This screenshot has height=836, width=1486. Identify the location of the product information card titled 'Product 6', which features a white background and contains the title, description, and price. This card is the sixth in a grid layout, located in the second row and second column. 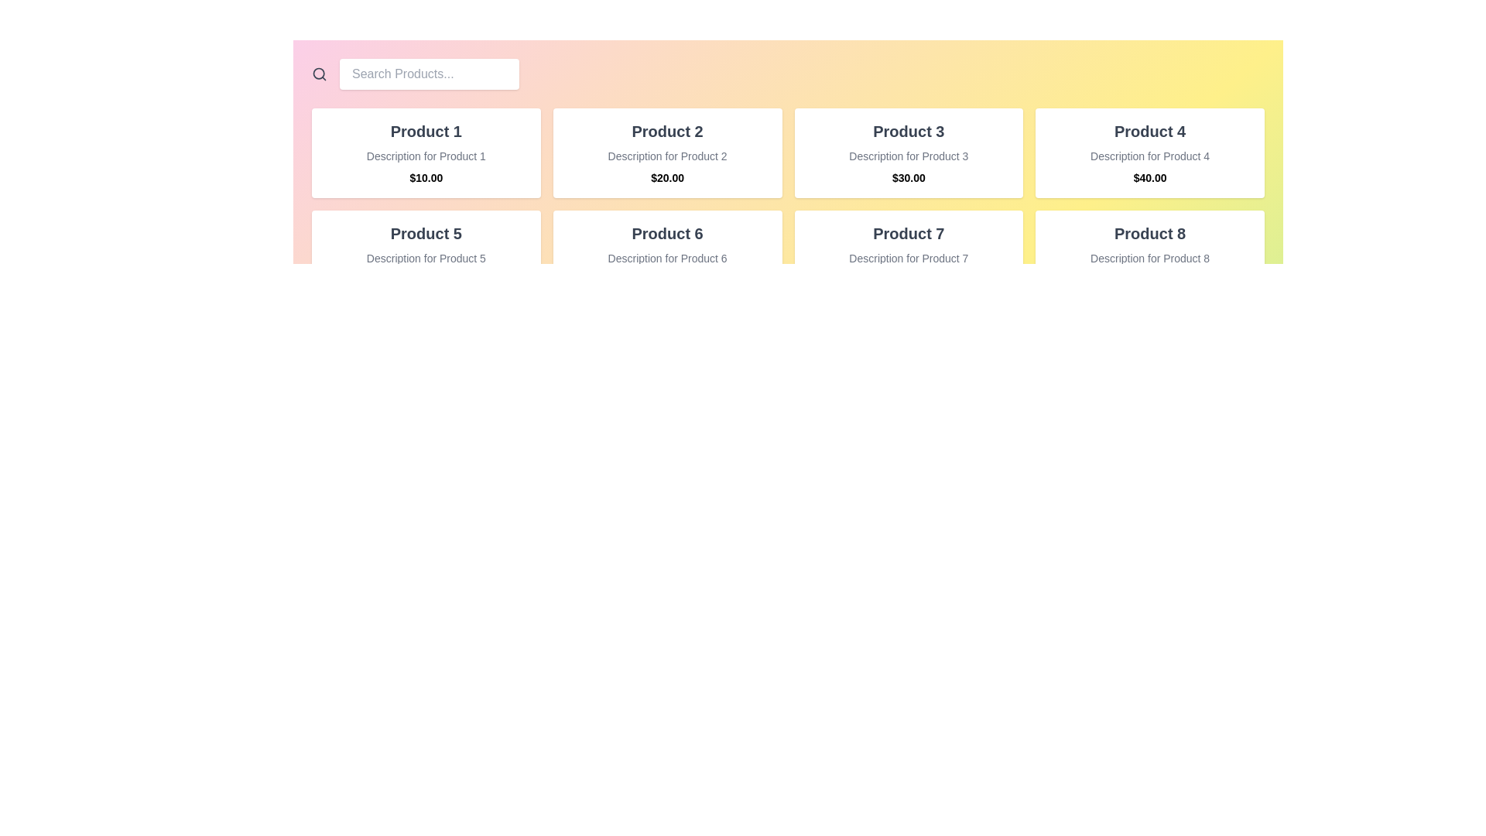
(667, 255).